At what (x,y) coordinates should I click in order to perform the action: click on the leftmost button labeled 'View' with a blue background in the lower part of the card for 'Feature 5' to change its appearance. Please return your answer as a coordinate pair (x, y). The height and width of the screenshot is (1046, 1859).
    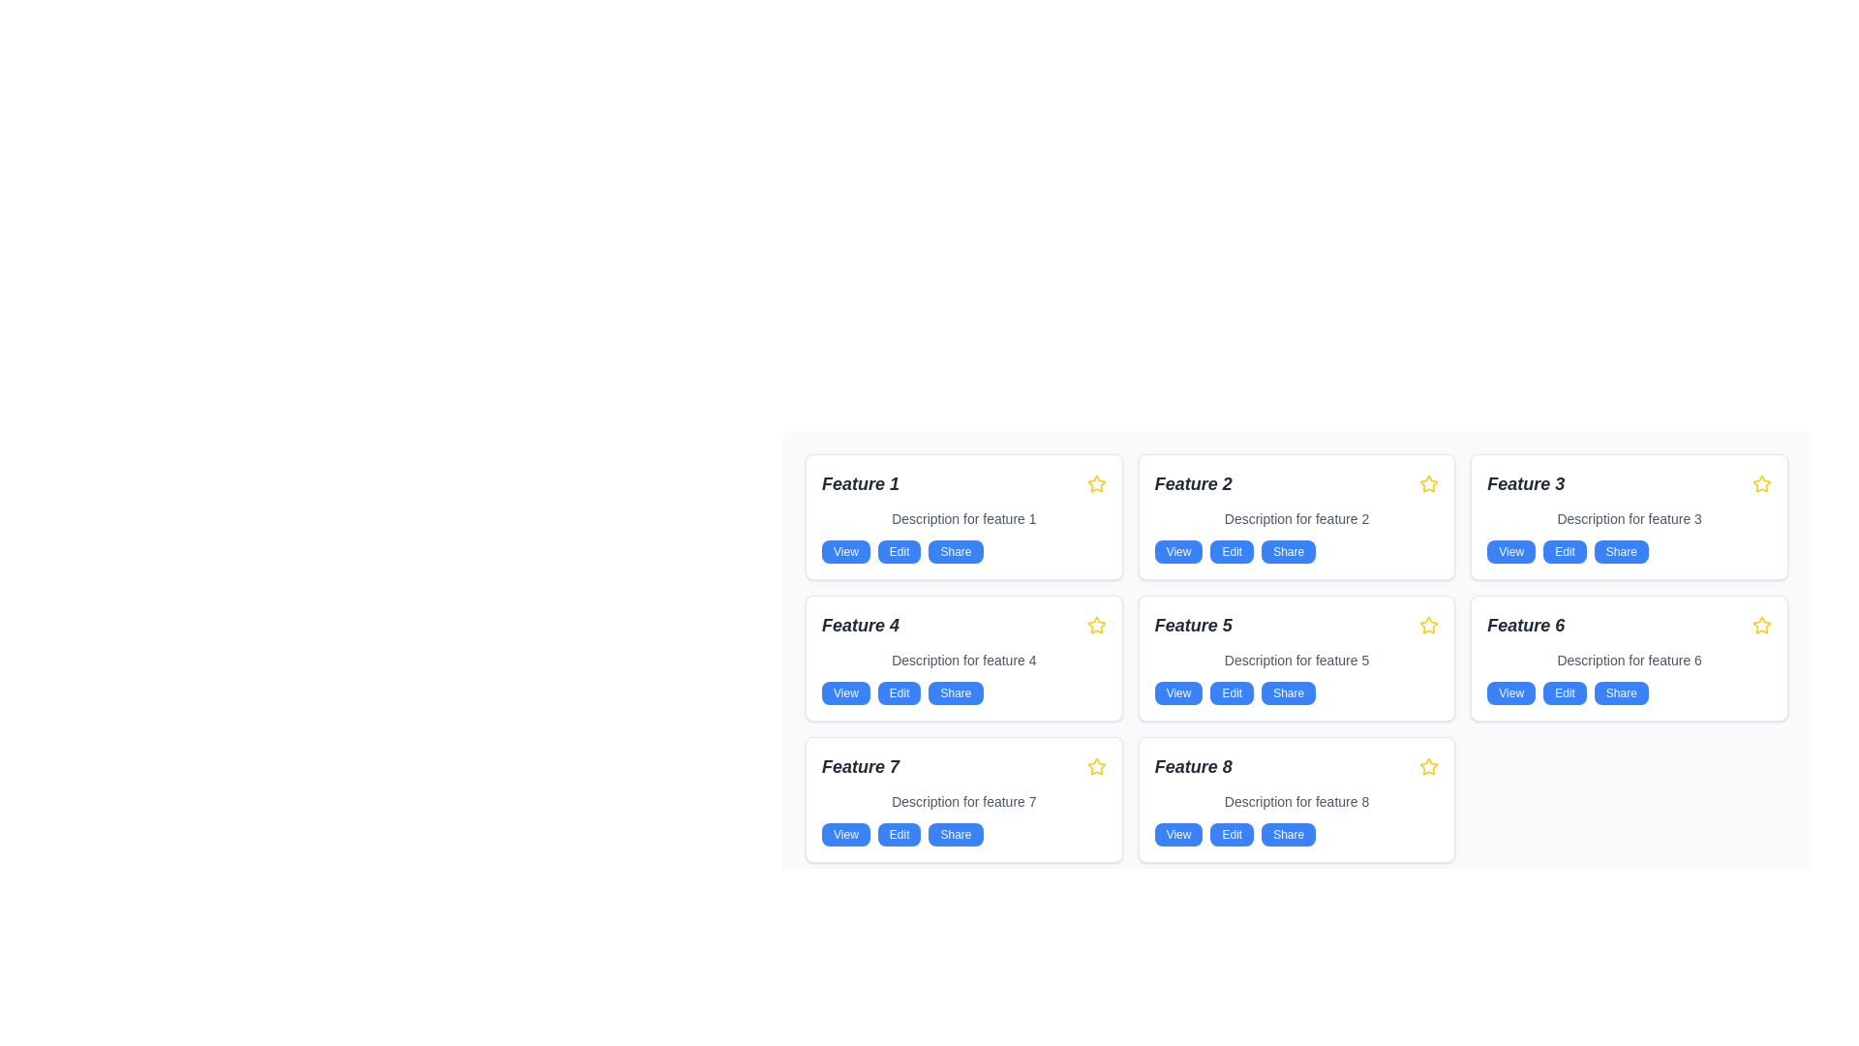
    Looking at the image, I should click on (1177, 692).